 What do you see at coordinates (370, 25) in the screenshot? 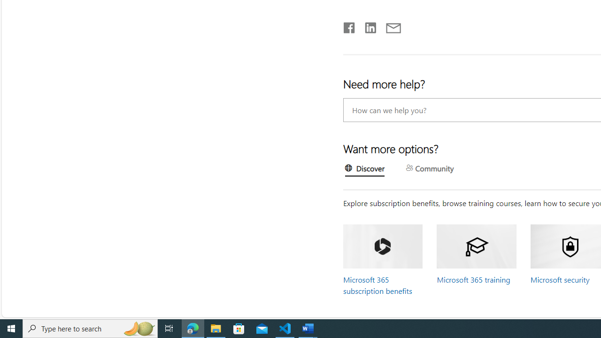
I see `'LinkedIn'` at bounding box center [370, 25].